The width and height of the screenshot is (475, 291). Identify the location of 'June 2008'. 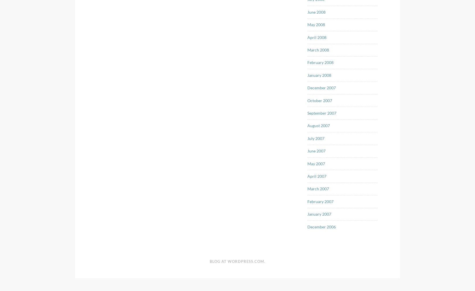
(316, 11).